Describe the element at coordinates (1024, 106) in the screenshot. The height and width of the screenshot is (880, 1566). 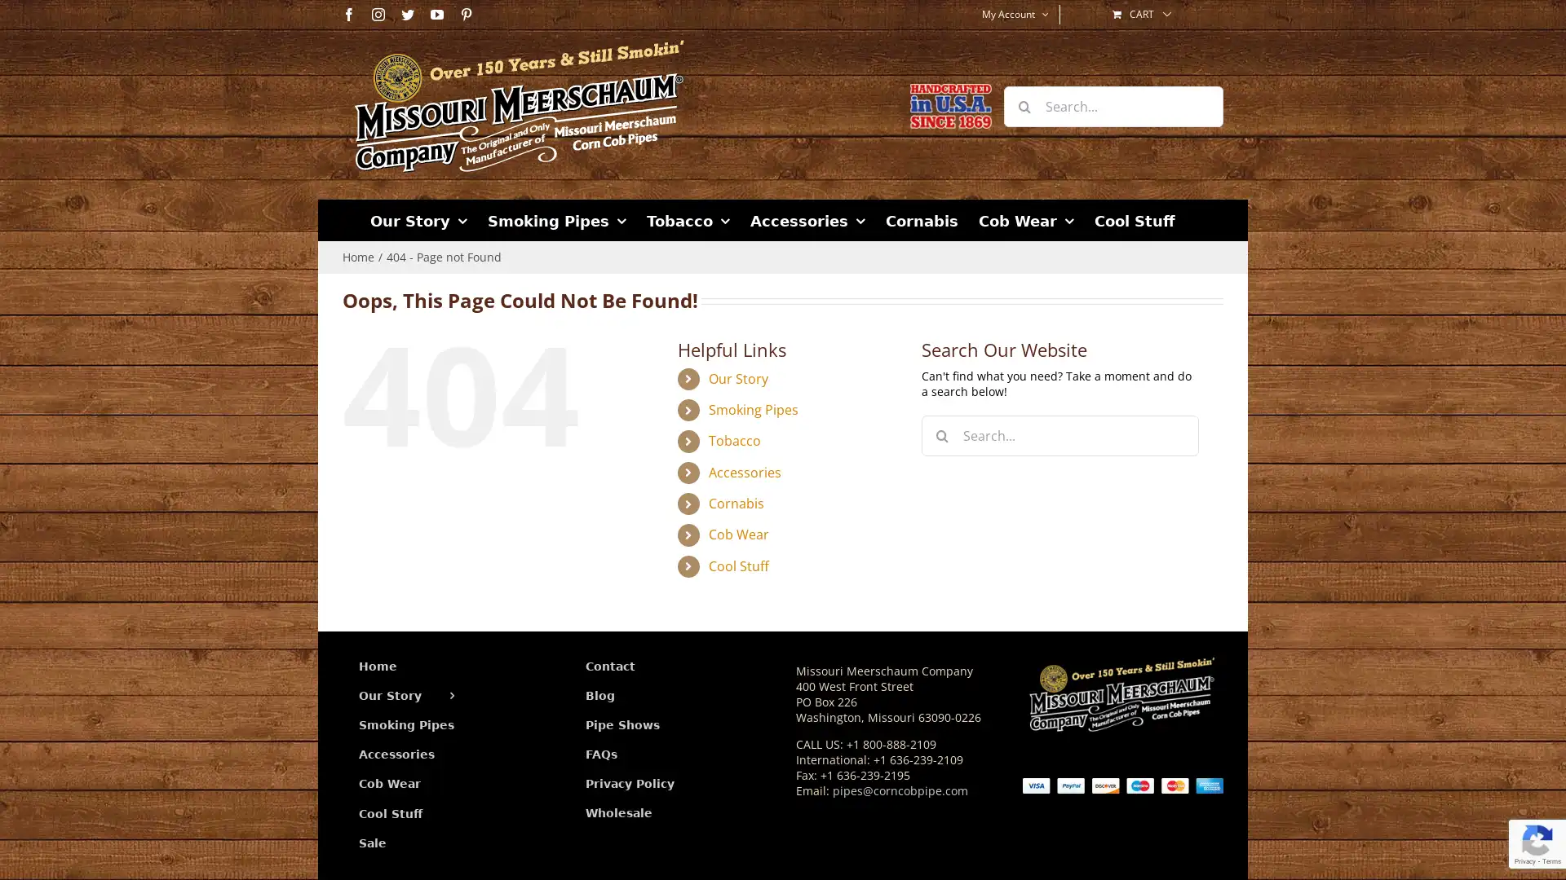
I see `Search` at that location.